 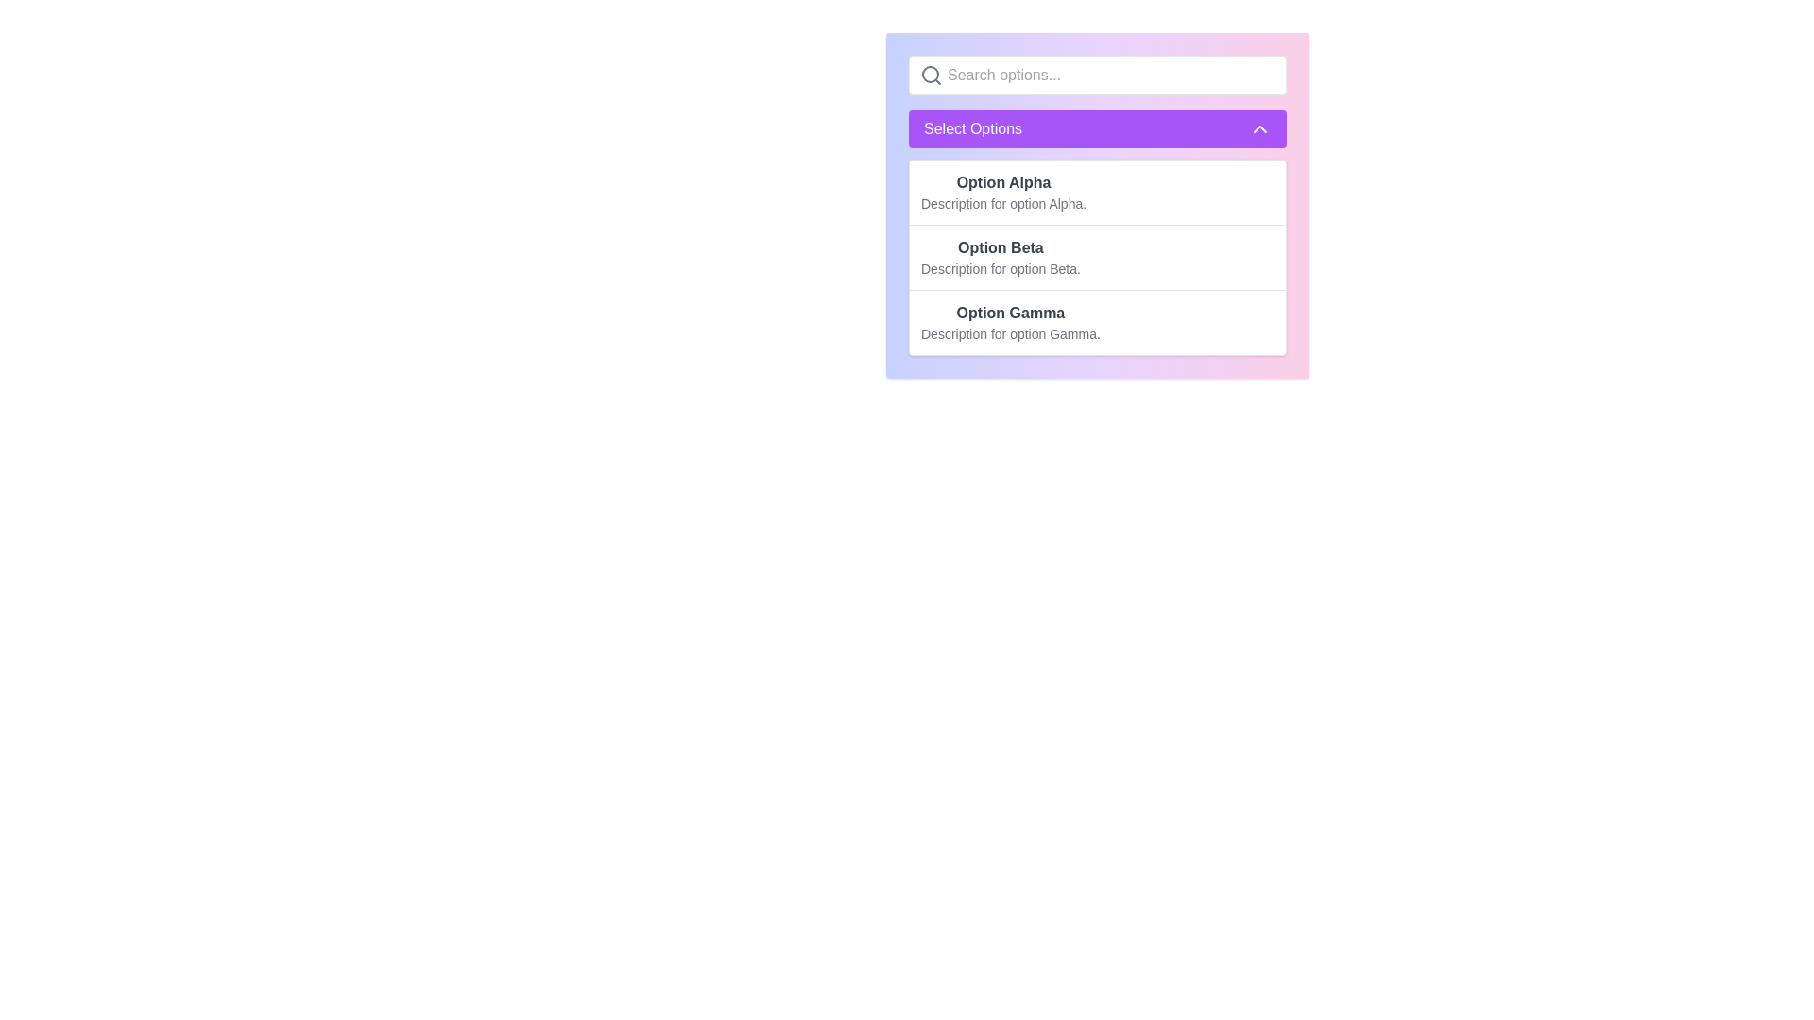 What do you see at coordinates (931, 75) in the screenshot?
I see `the magnifying glass icon located towards the left side of the search input field, which represents search functionality` at bounding box center [931, 75].